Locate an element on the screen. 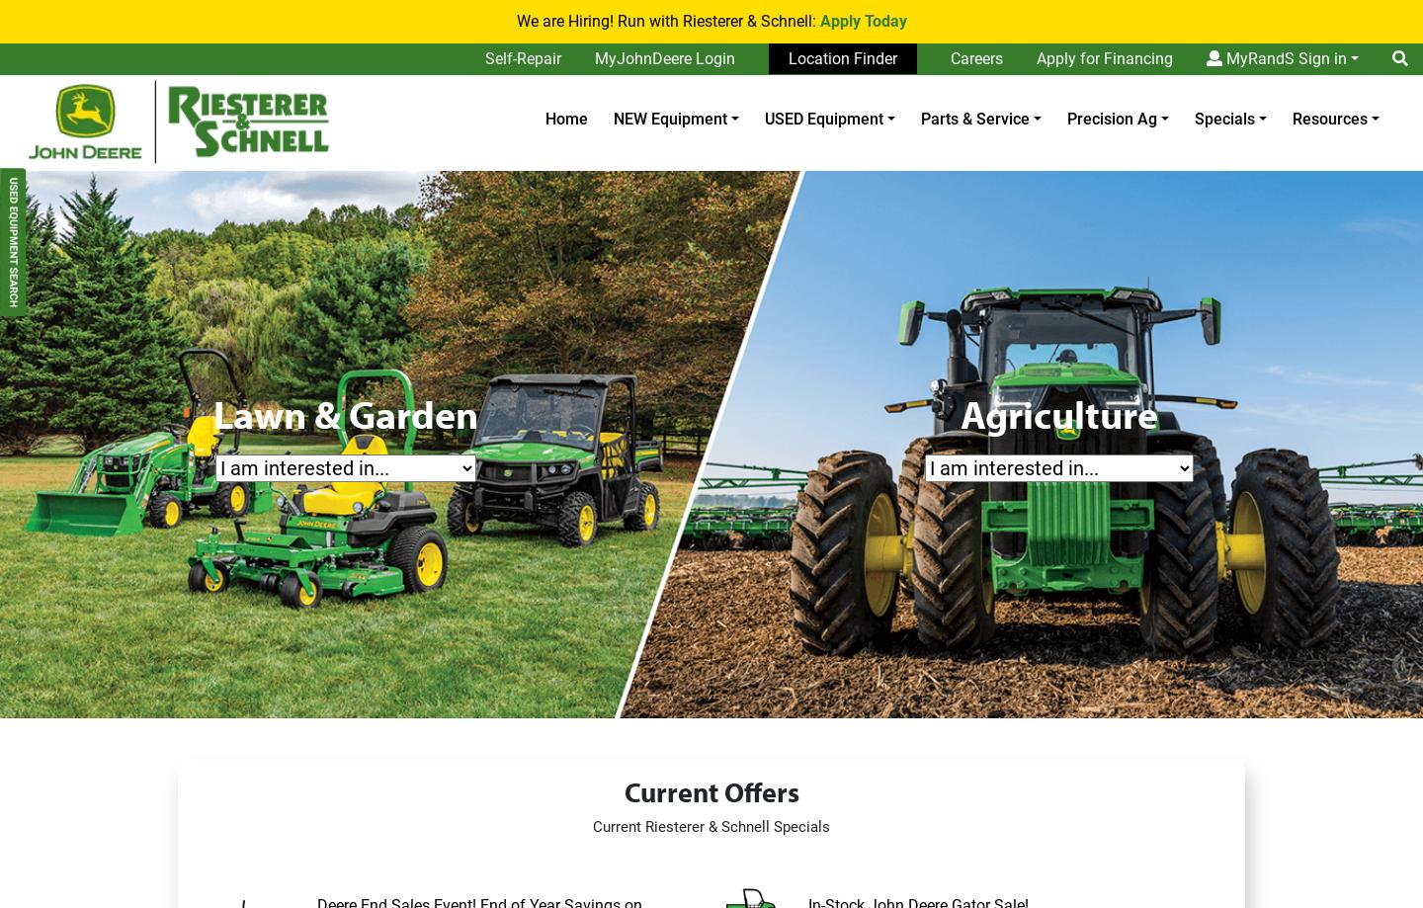  'Specials' is located at coordinates (1222, 118).